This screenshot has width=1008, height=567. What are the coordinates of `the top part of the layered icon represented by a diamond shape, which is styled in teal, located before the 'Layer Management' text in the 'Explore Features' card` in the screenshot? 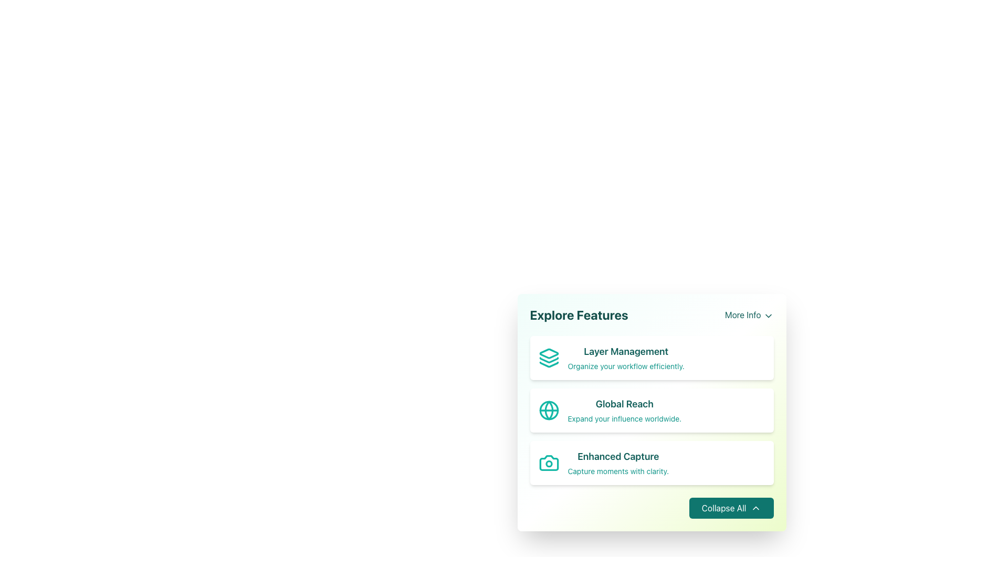 It's located at (548, 353).